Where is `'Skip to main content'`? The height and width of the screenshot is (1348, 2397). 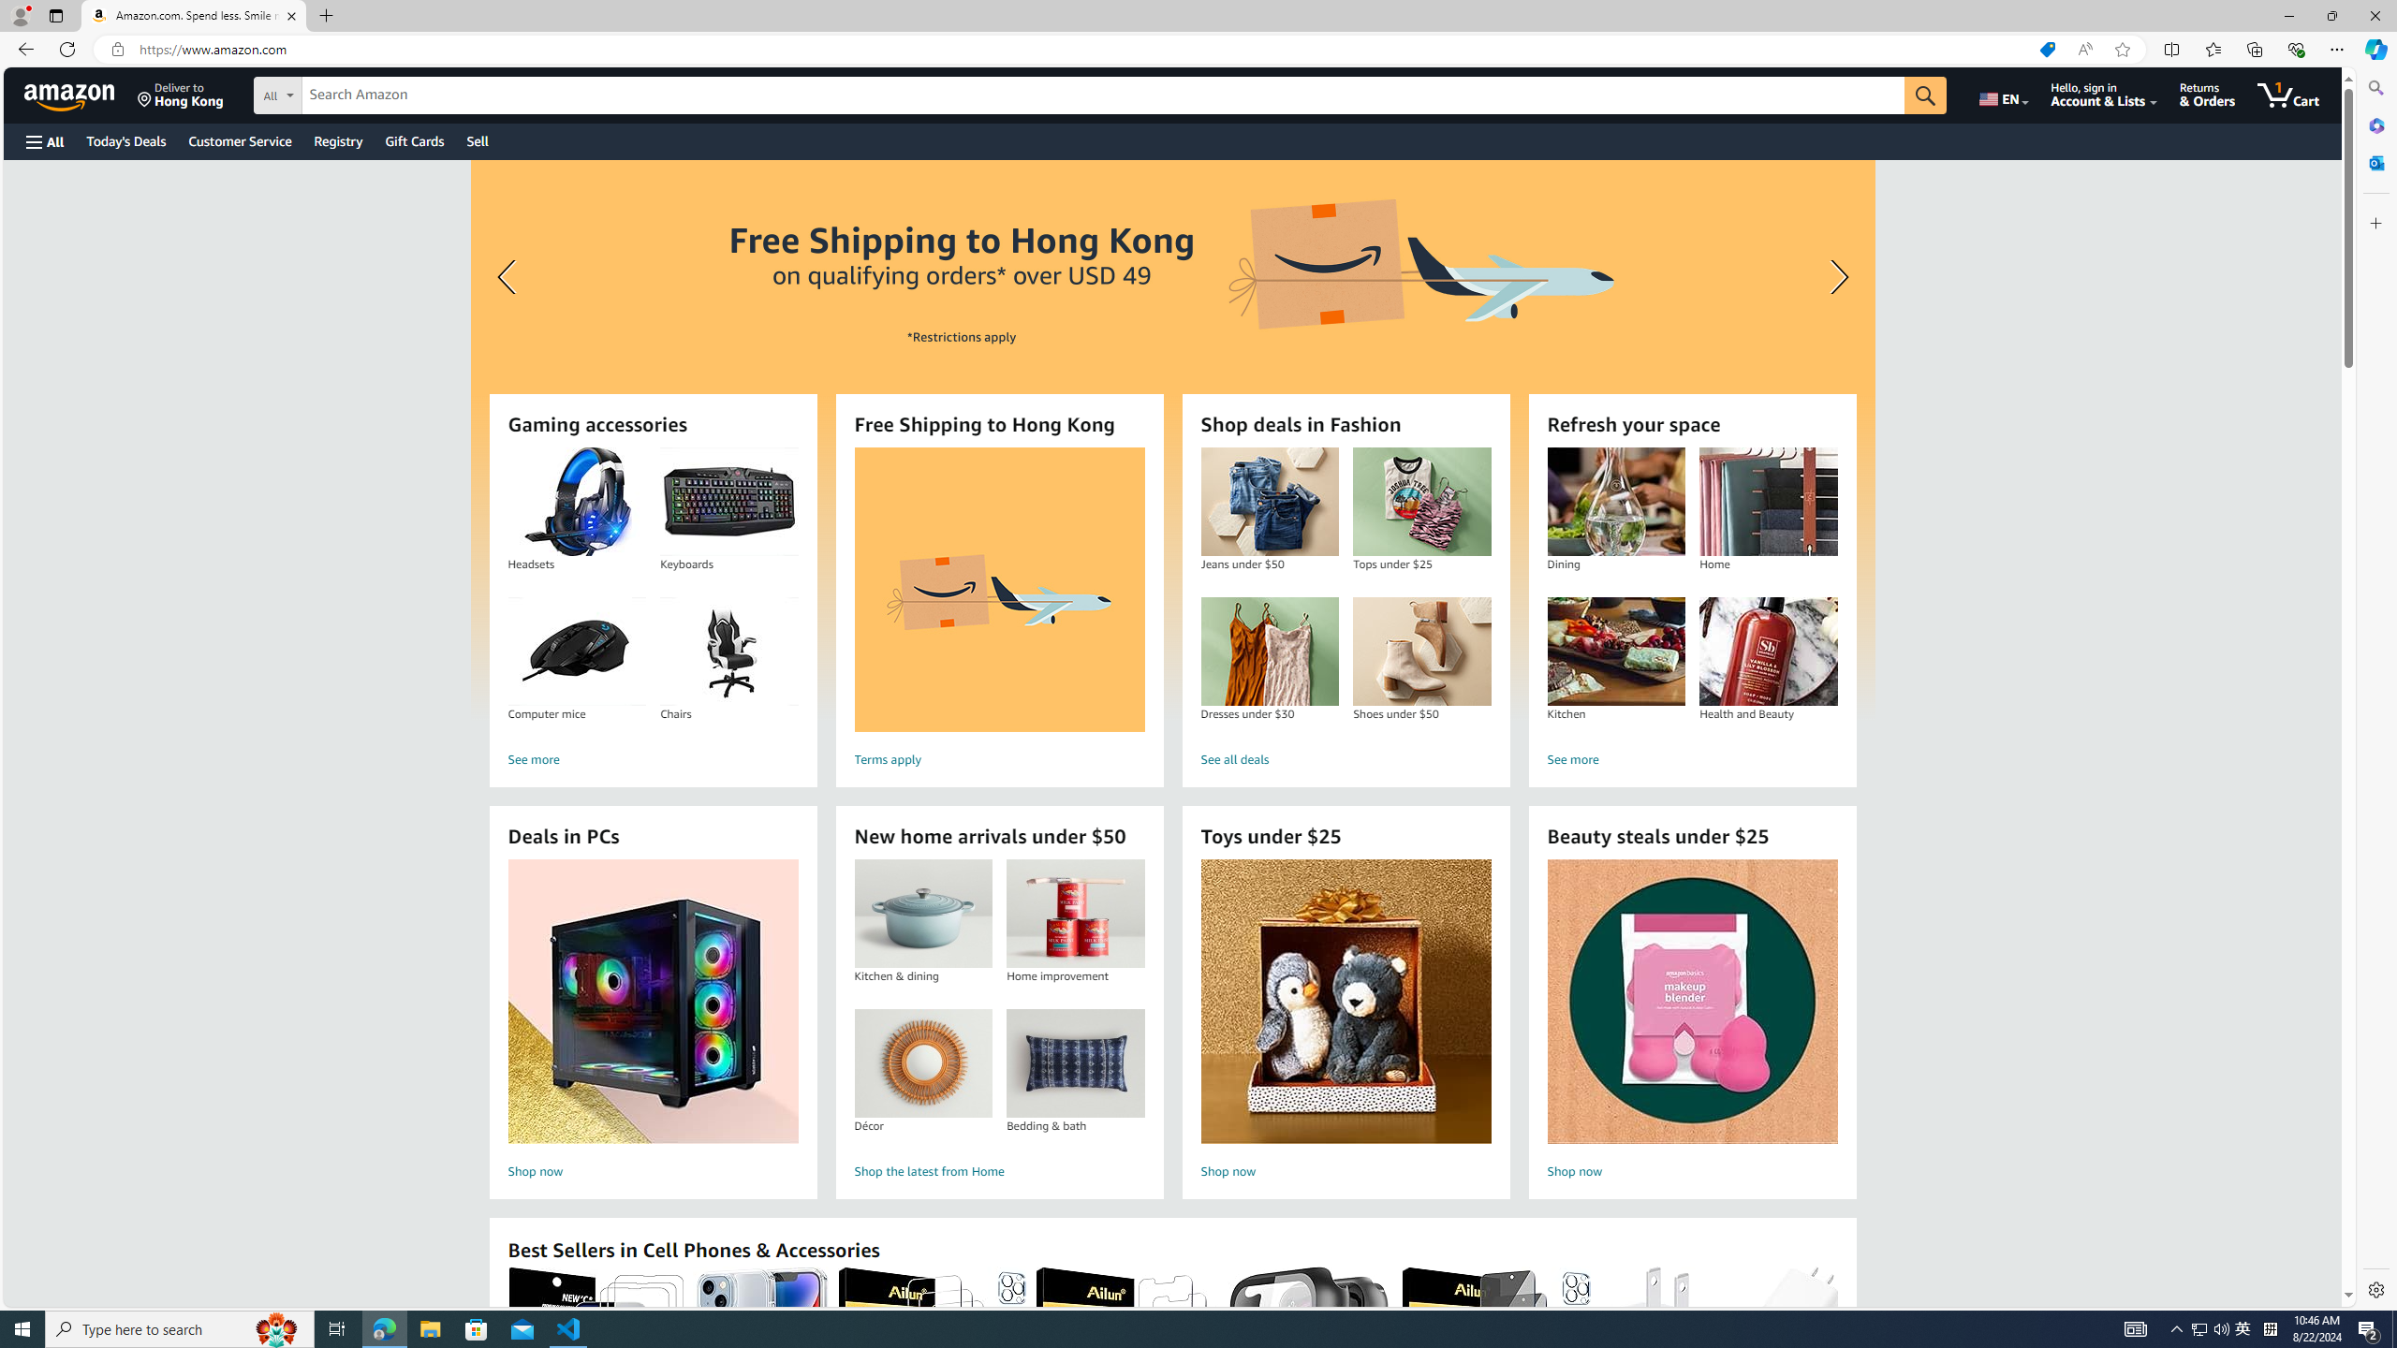 'Skip to main content' is located at coordinates (80, 93).